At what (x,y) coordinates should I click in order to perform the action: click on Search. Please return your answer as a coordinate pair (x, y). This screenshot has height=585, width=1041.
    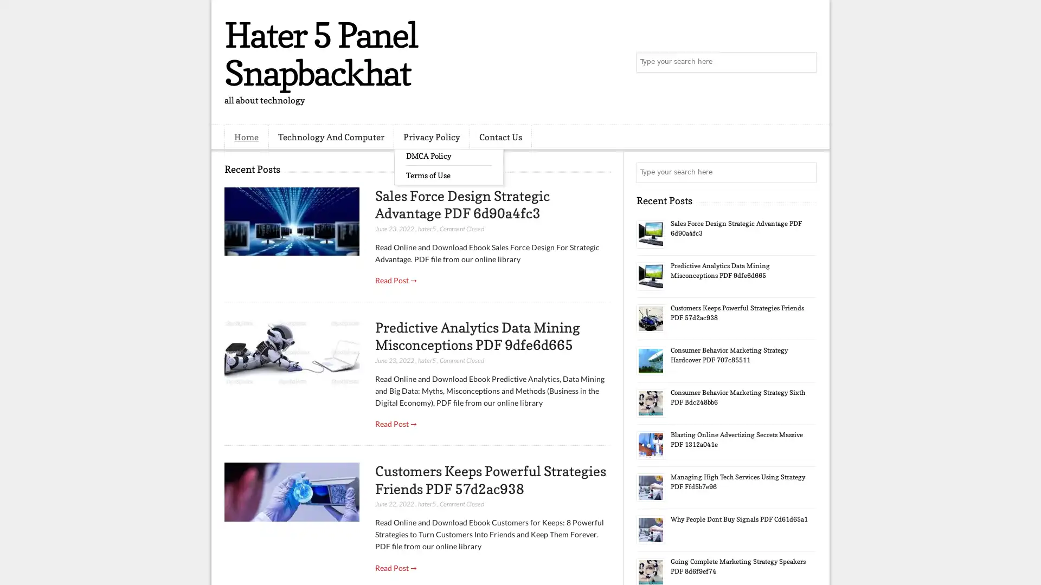
    Looking at the image, I should click on (805, 62).